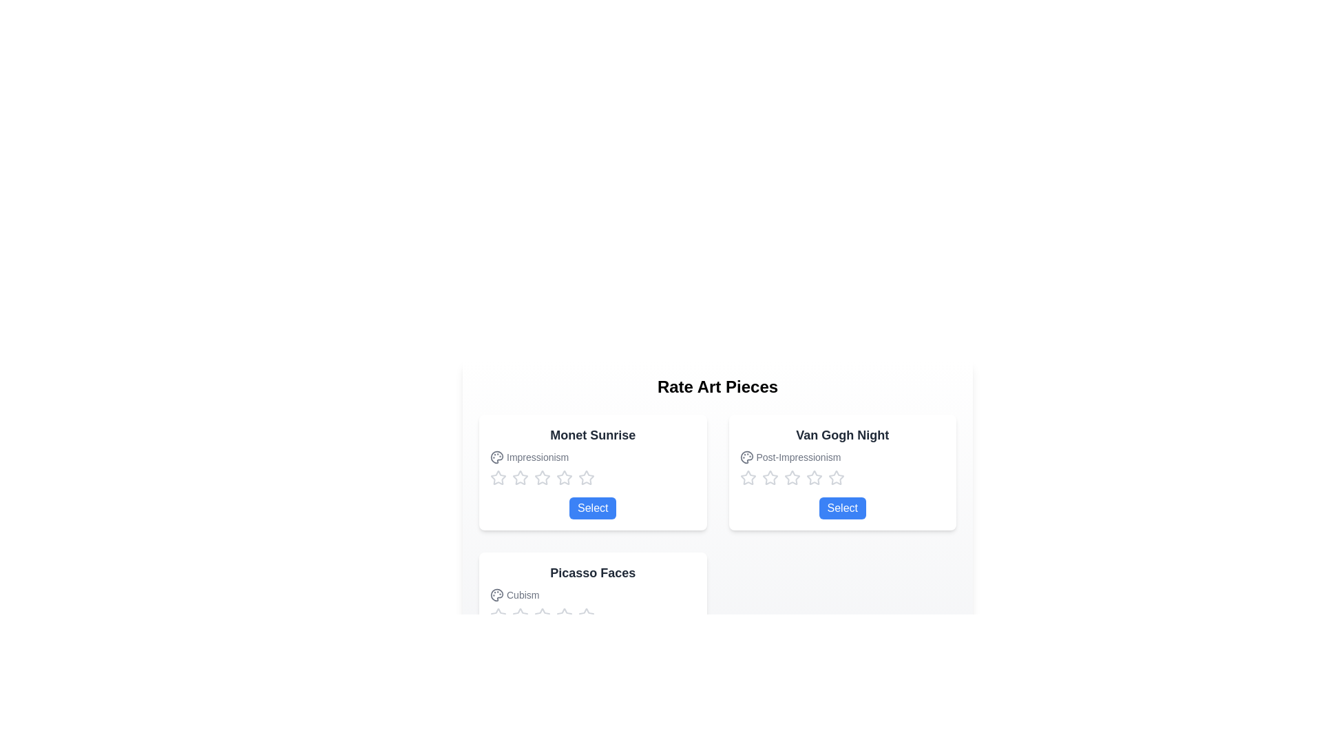  What do you see at coordinates (498, 477) in the screenshot?
I see `the first star-shaped icon in the 'Rate Art Pieces' section under the title 'Monet Sunrise'` at bounding box center [498, 477].